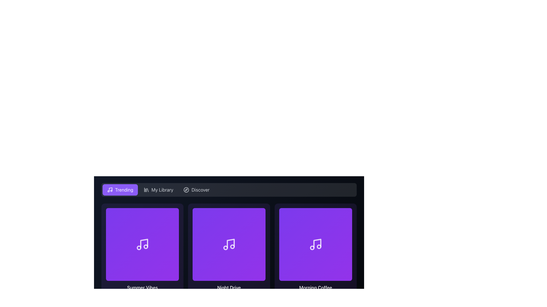 The height and width of the screenshot is (307, 547). What do you see at coordinates (196, 190) in the screenshot?
I see `the 'Discover' button, the third button in the horizontal navigation bar` at bounding box center [196, 190].